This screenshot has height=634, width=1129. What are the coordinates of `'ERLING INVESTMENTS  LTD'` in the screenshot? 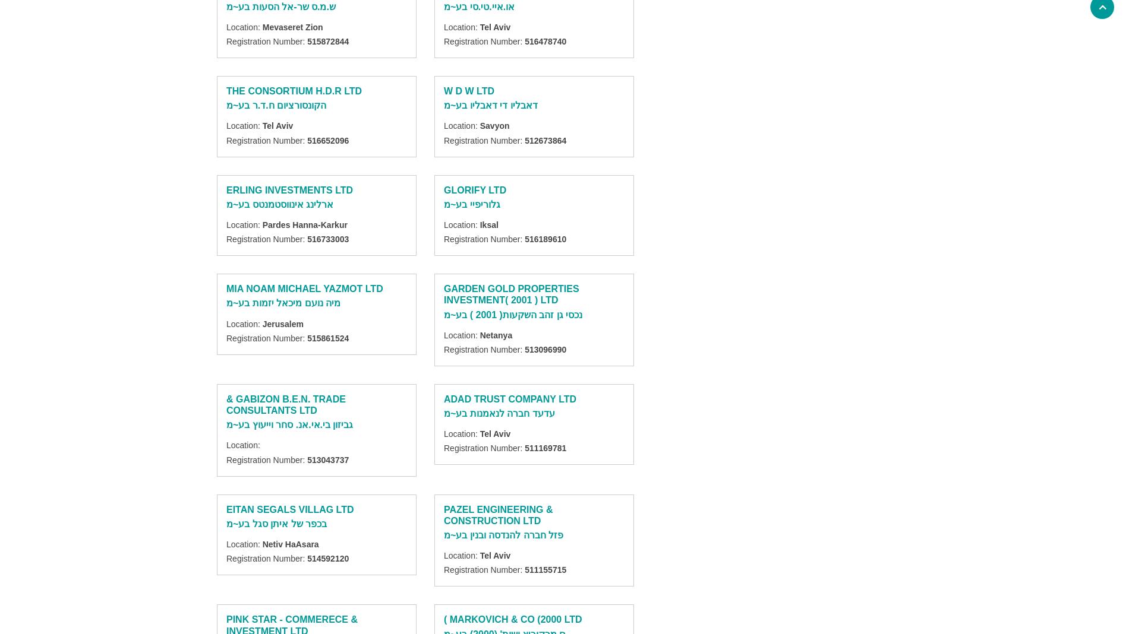 It's located at (225, 189).